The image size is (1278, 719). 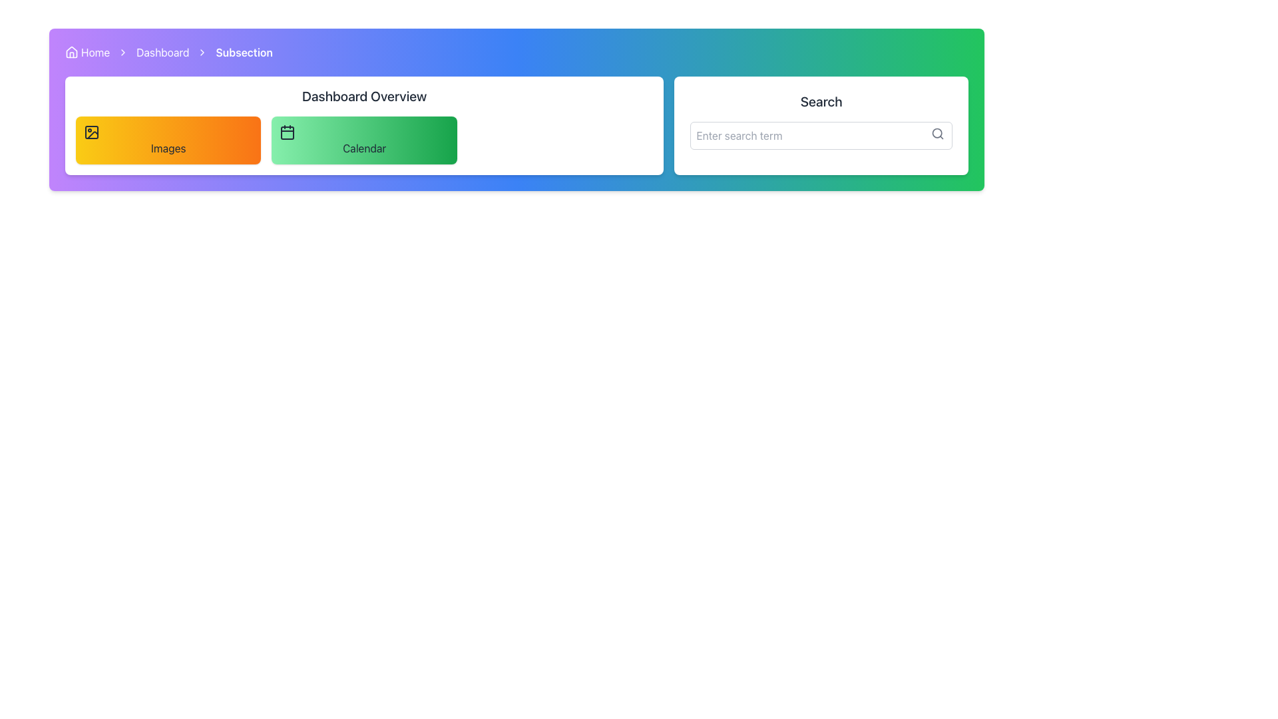 What do you see at coordinates (364, 96) in the screenshot?
I see `the bold text label 'Dashboard Overview' to trigger any potential tooltips or events` at bounding box center [364, 96].